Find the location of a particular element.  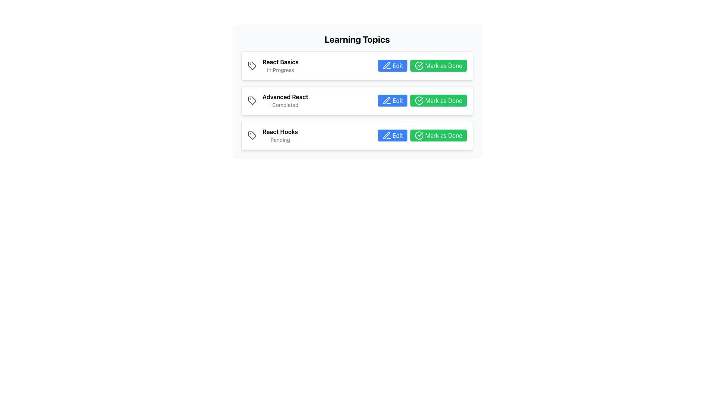

the text element displaying 'React Basics' and 'In Progress', which is the first item in the vertical list of learning topics is located at coordinates (280, 65).